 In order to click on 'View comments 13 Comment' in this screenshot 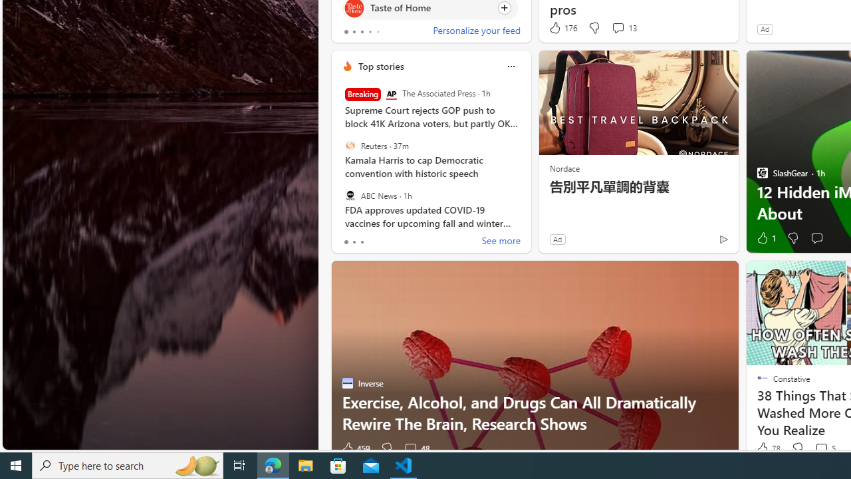, I will do `click(617, 27)`.